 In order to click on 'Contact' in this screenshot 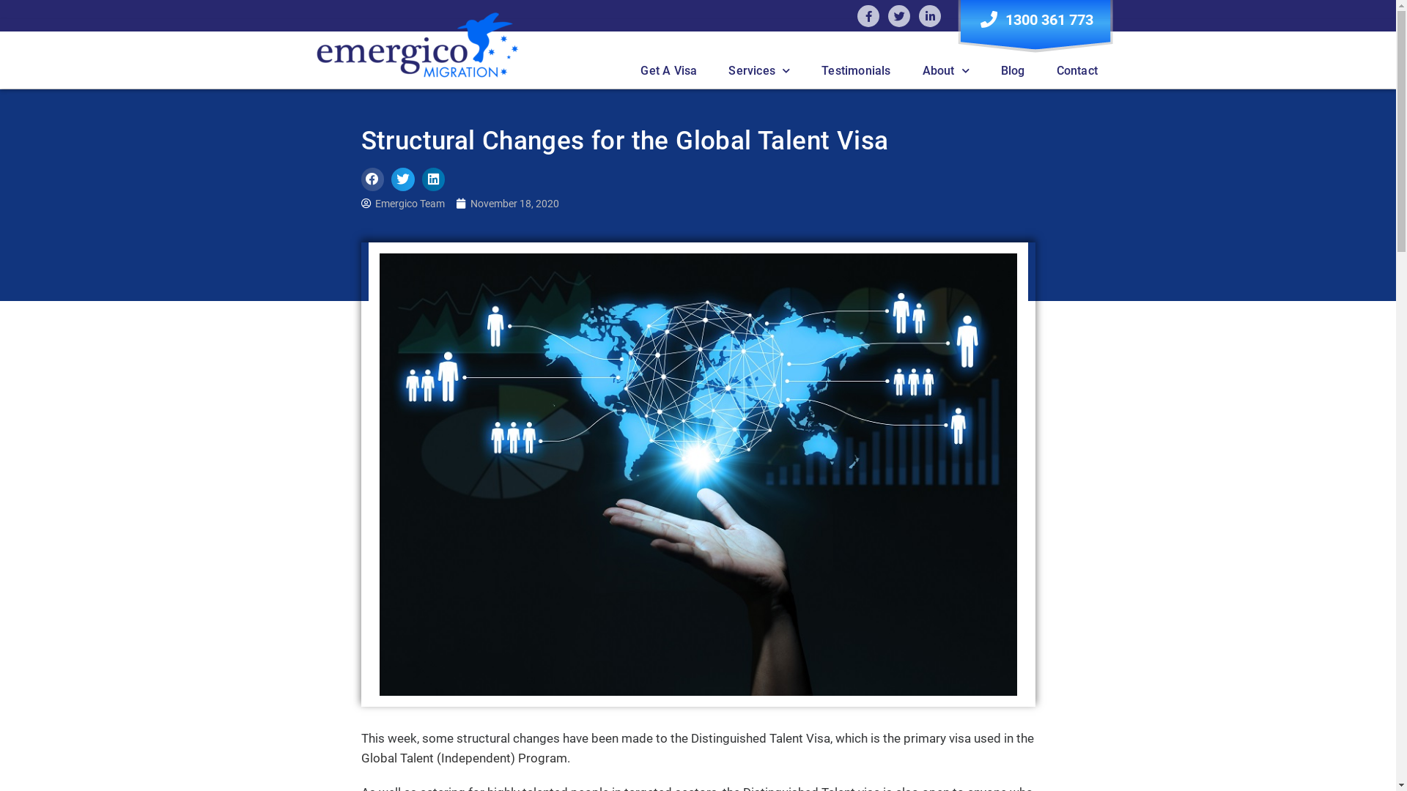, I will do `click(1077, 70)`.